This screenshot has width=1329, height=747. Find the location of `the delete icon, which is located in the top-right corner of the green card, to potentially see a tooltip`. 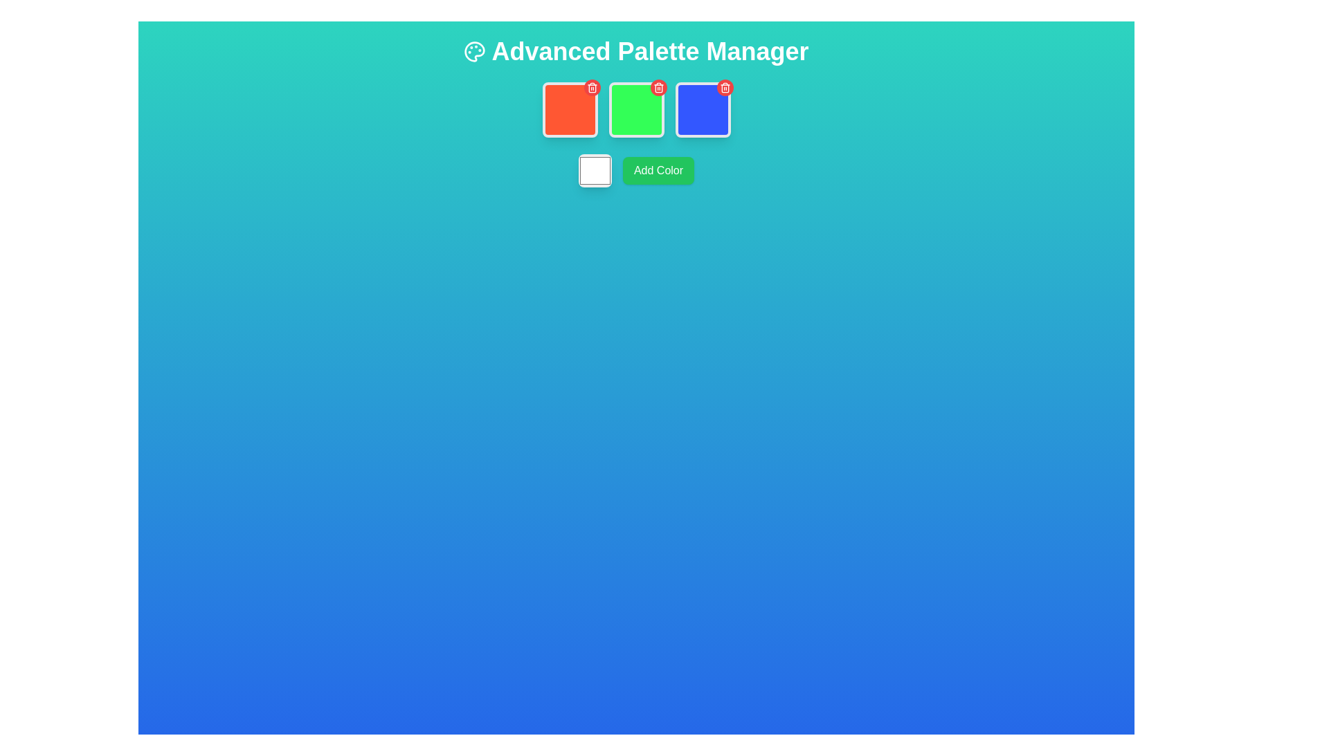

the delete icon, which is located in the top-right corner of the green card, to potentially see a tooltip is located at coordinates (592, 88).